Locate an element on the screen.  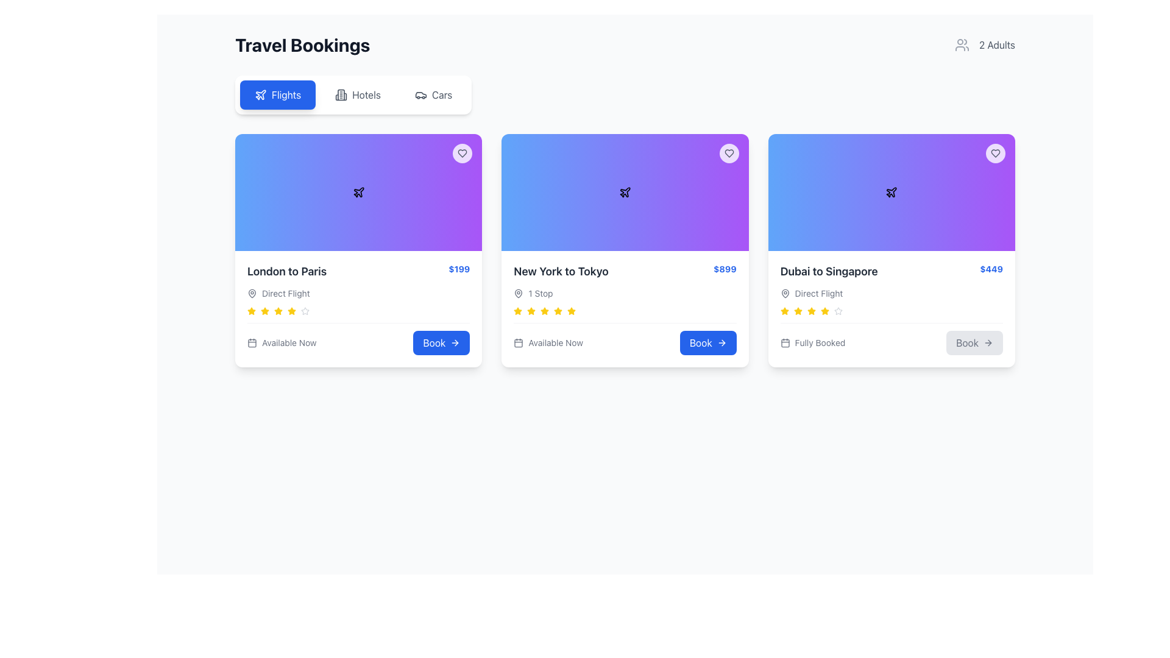
the second star in the five-star rating system for the 'London to Paris' card, which visually indicates the rating associated with the element is located at coordinates (264, 310).